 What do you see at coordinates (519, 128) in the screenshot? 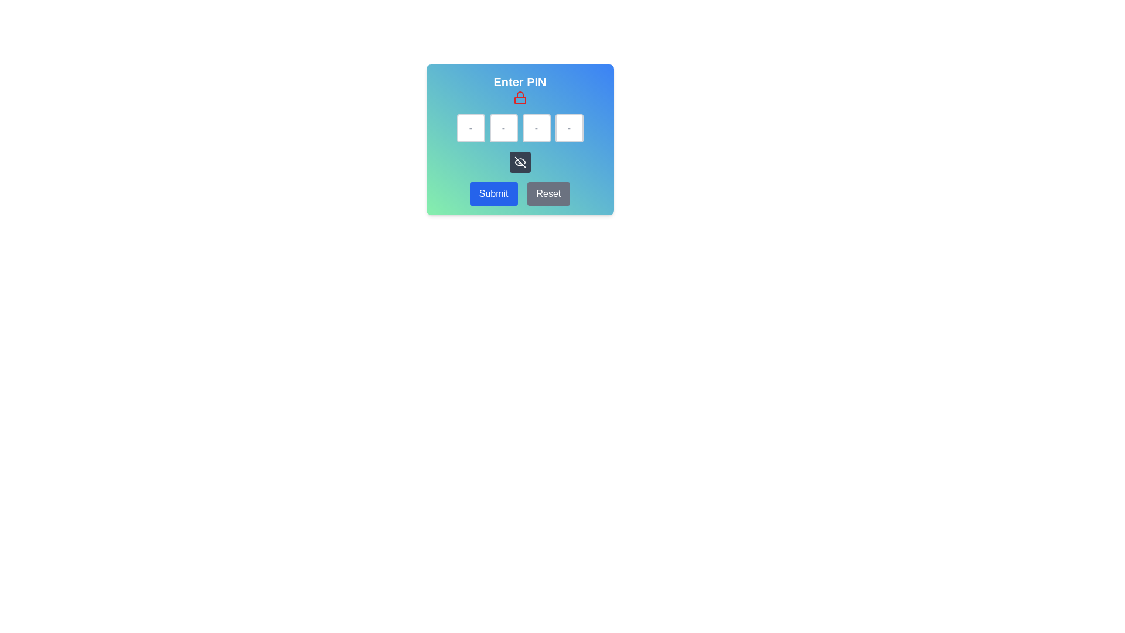
I see `each of the four password input fields in the row to focus on them, starting from the leftmost box` at bounding box center [519, 128].